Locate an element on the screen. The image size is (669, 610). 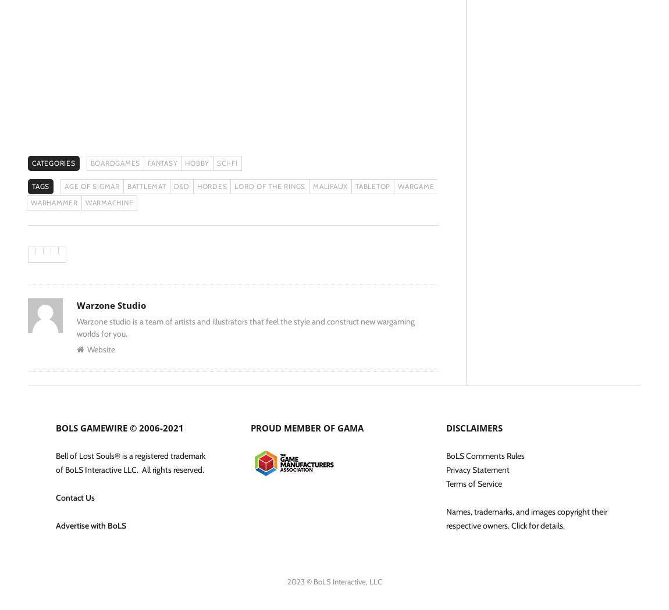
'BoLS Gamewire © 2006-2021' is located at coordinates (119, 427).